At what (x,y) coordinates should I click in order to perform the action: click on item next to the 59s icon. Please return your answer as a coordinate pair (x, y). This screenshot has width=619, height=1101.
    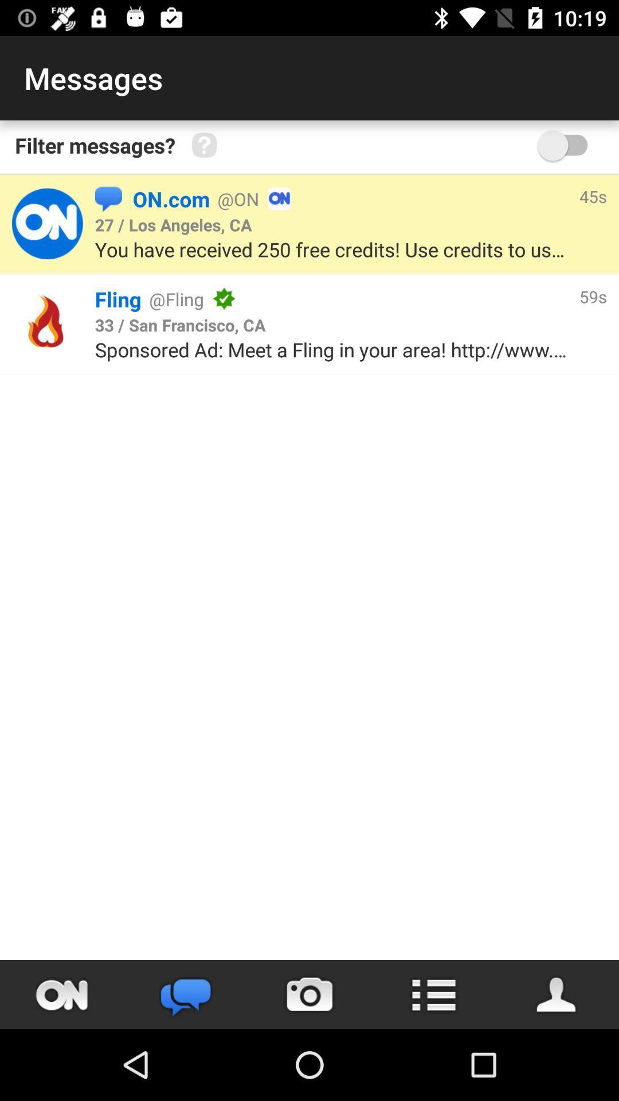
    Looking at the image, I should click on (401, 299).